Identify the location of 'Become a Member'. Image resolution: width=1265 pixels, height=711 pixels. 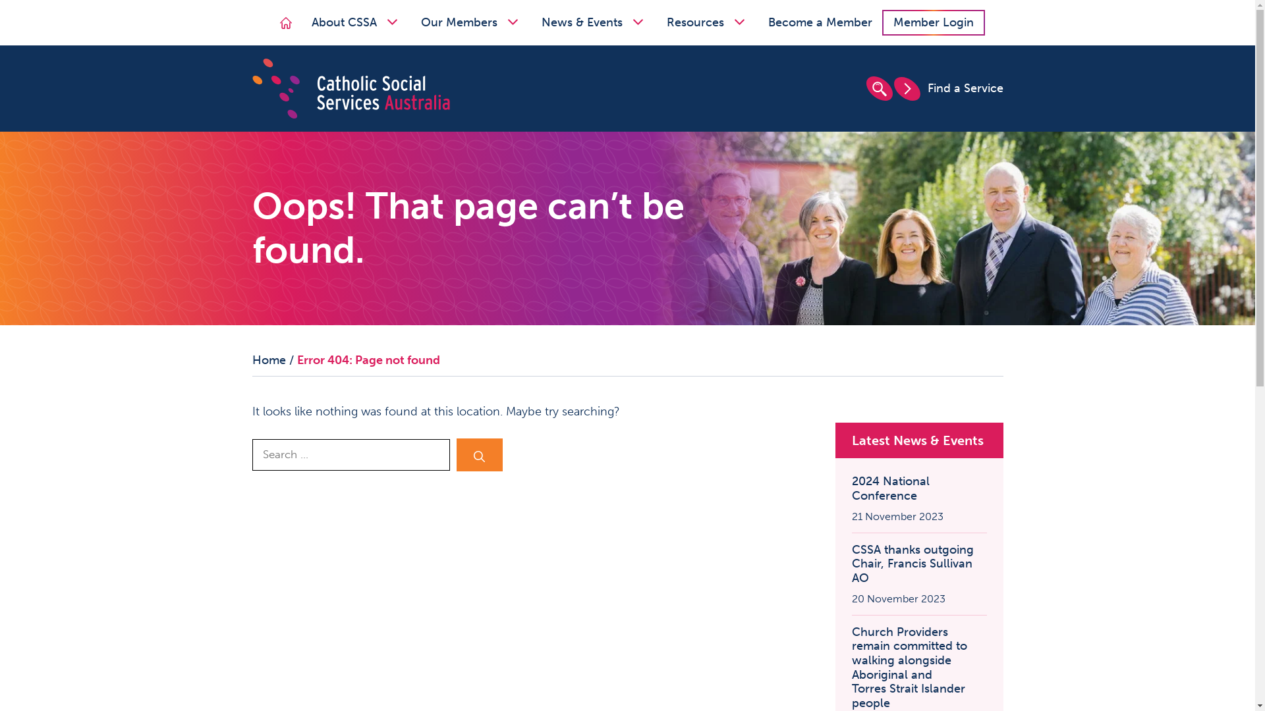
(758, 22).